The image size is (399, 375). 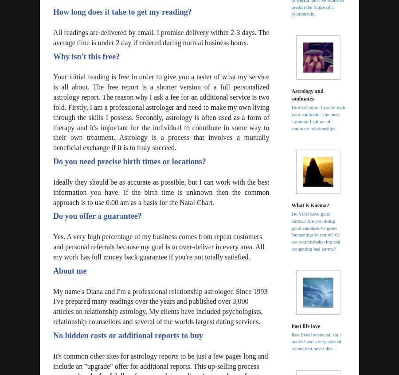 What do you see at coordinates (161, 112) in the screenshot?
I see `'Your initial reading is free in order to give you a taster of what my service is all about. The free

report is a shorter version of a full personalized astrology report. The reason why I ask

a fee for an additional service is two fold. Firstly, I am a professional astrologer and need to make

my own living through the skills I possess. Secondly, astrology is often used as a form of therapy

and it's important for the individual to contribute in some way to their own treatment. Astrology is

a process that involves a mutually beneficial exchange if it is to truly succeed.'` at bounding box center [161, 112].